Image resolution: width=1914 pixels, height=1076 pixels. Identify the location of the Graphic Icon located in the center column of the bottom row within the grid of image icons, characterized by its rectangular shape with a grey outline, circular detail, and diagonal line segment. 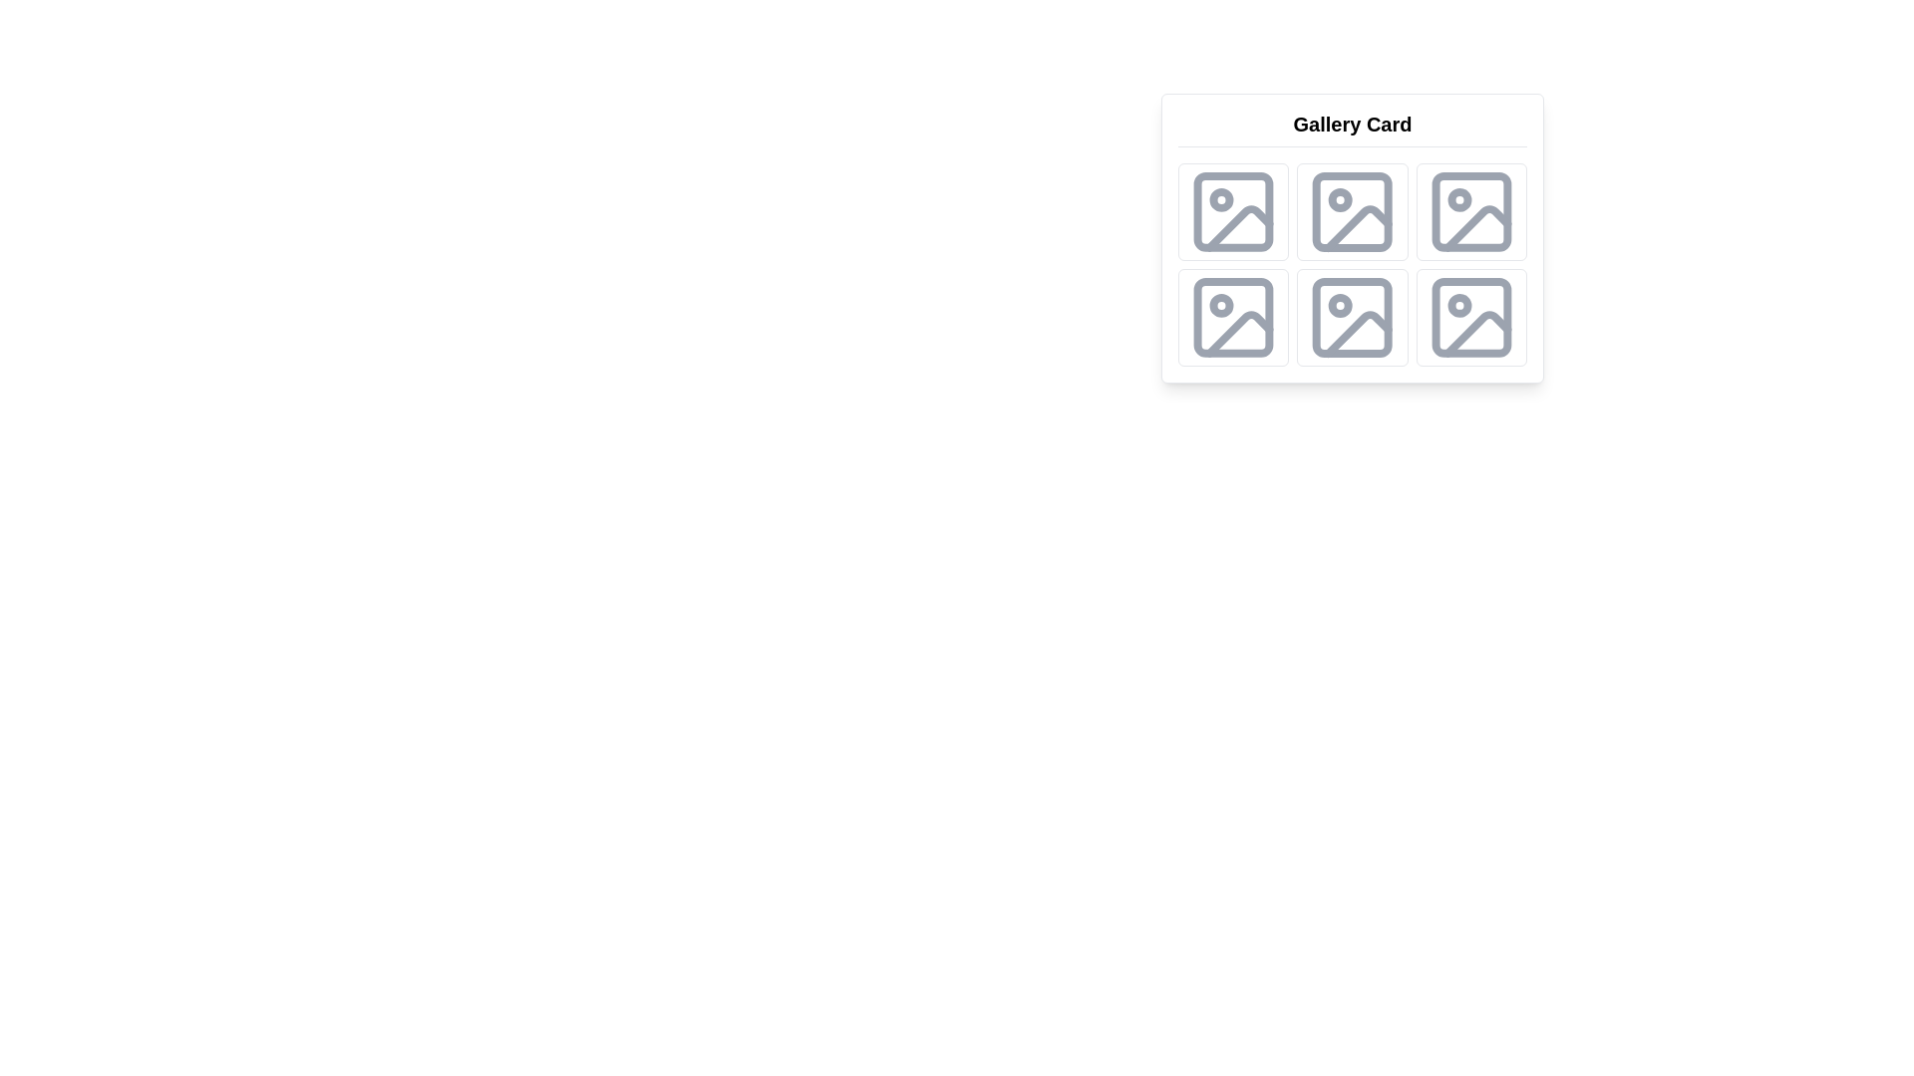
(1353, 317).